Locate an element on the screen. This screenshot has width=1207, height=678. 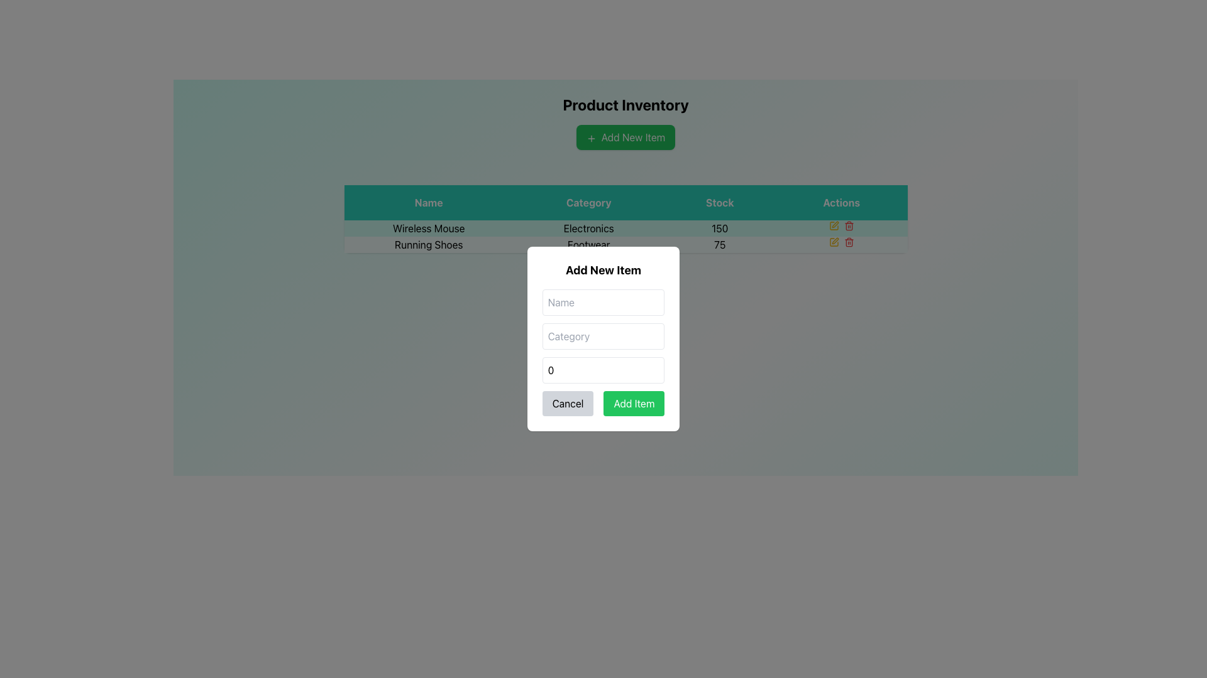
the Button with a pen icon located in the second row of the 'Actions' column in the table to initiate editing is located at coordinates (833, 242).